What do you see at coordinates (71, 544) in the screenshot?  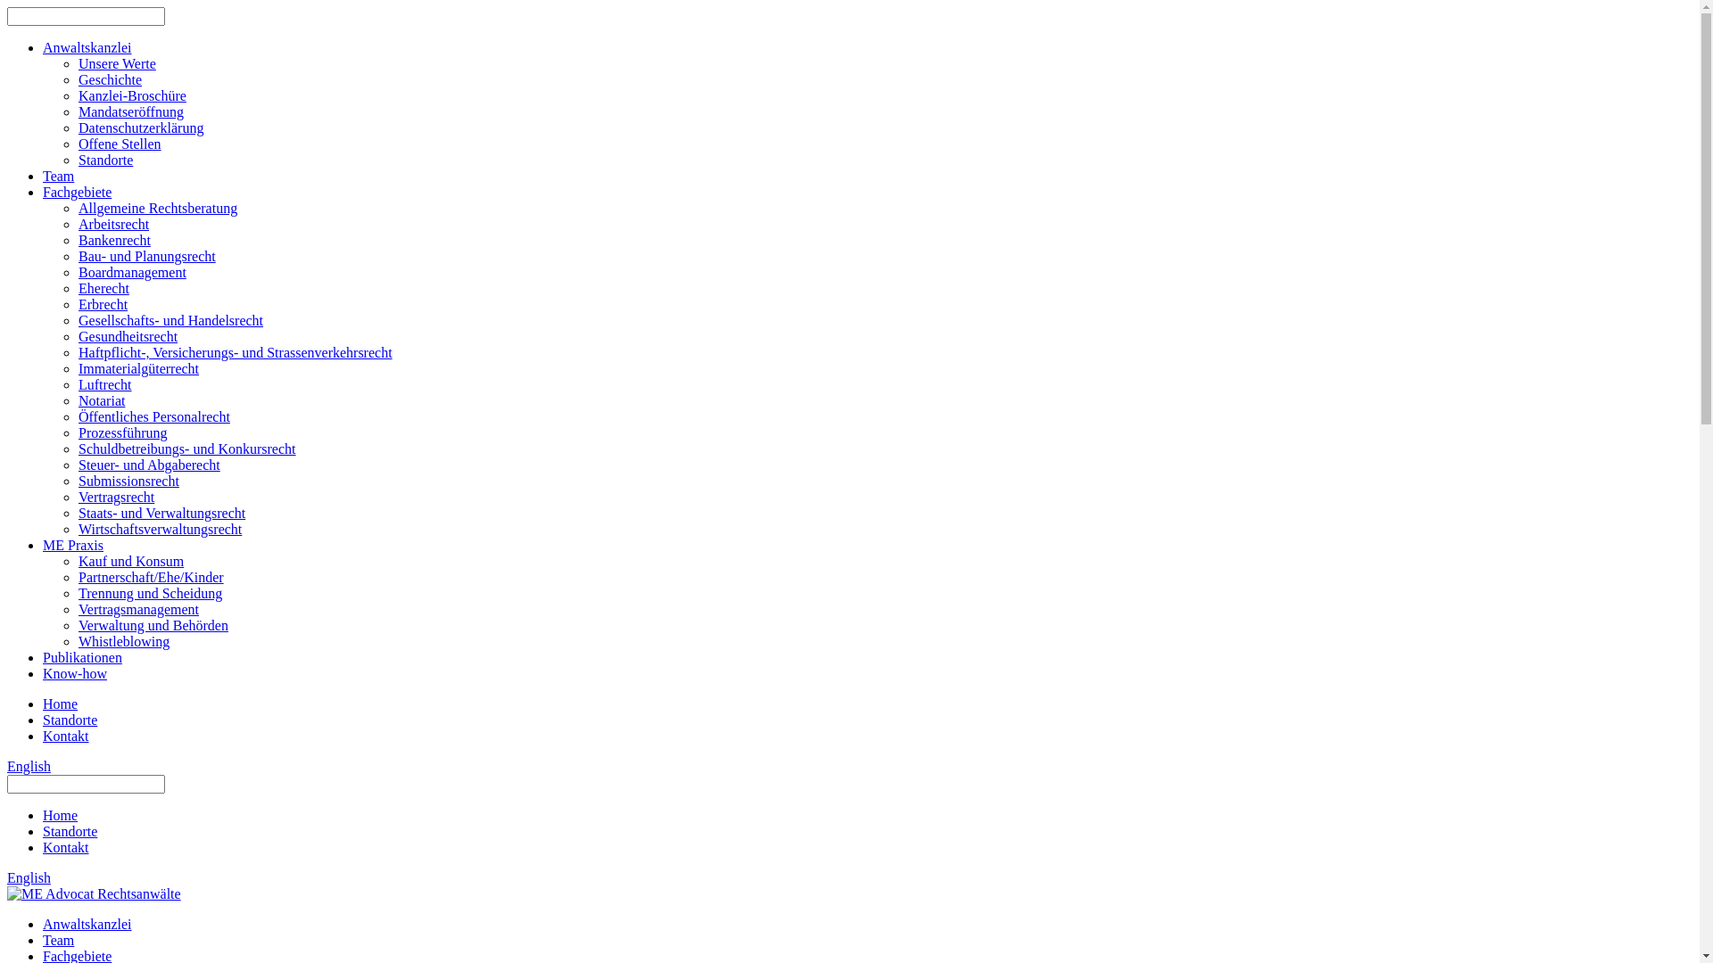 I see `'ME Praxis'` at bounding box center [71, 544].